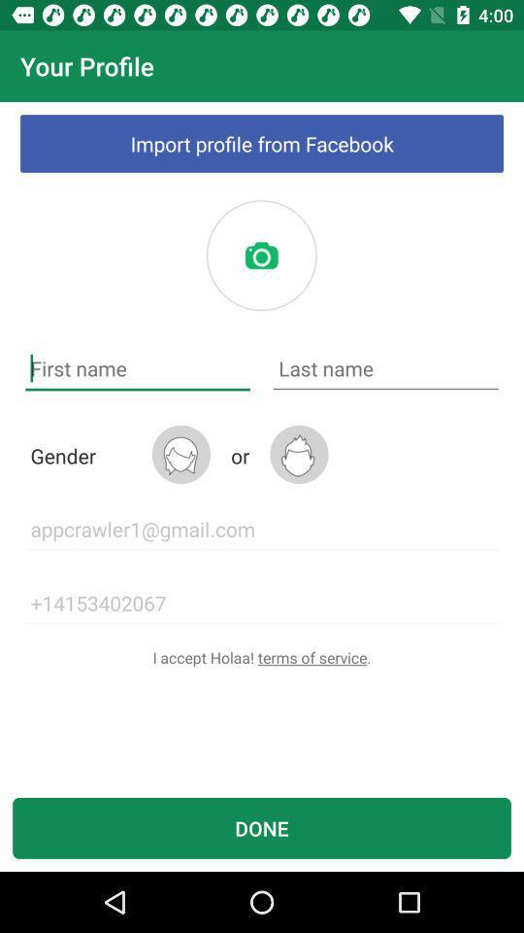  I want to click on item on the right, so click(385, 367).